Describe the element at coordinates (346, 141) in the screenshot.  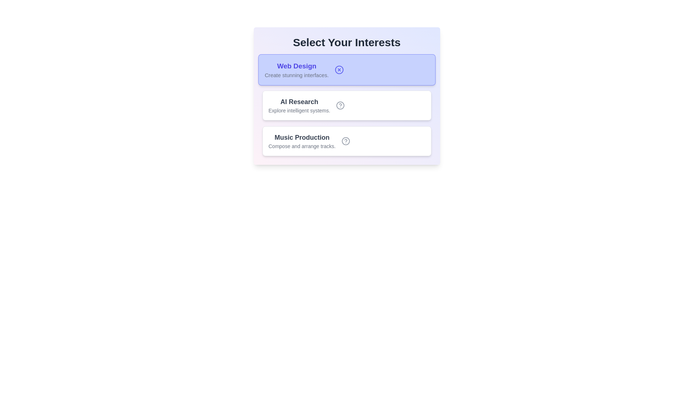
I see `the tag labeled 'Music Production'` at that location.